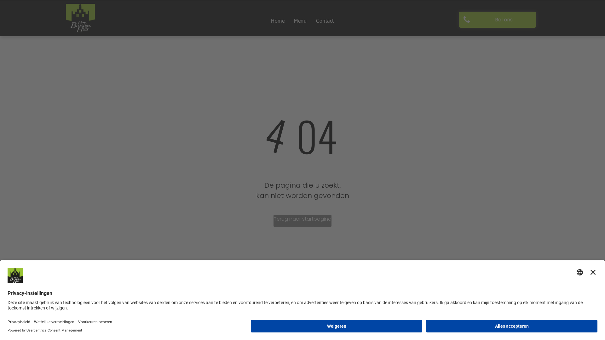 Image resolution: width=605 pixels, height=340 pixels. I want to click on 'Terug naar startpagina', so click(302, 220).